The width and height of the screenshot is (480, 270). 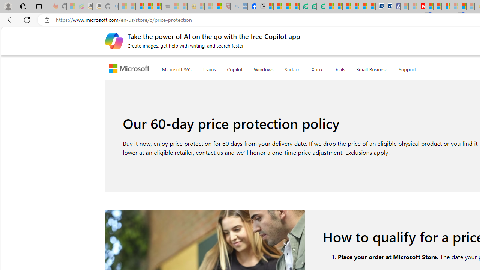 What do you see at coordinates (234, 68) in the screenshot?
I see `'Copilot'` at bounding box center [234, 68].